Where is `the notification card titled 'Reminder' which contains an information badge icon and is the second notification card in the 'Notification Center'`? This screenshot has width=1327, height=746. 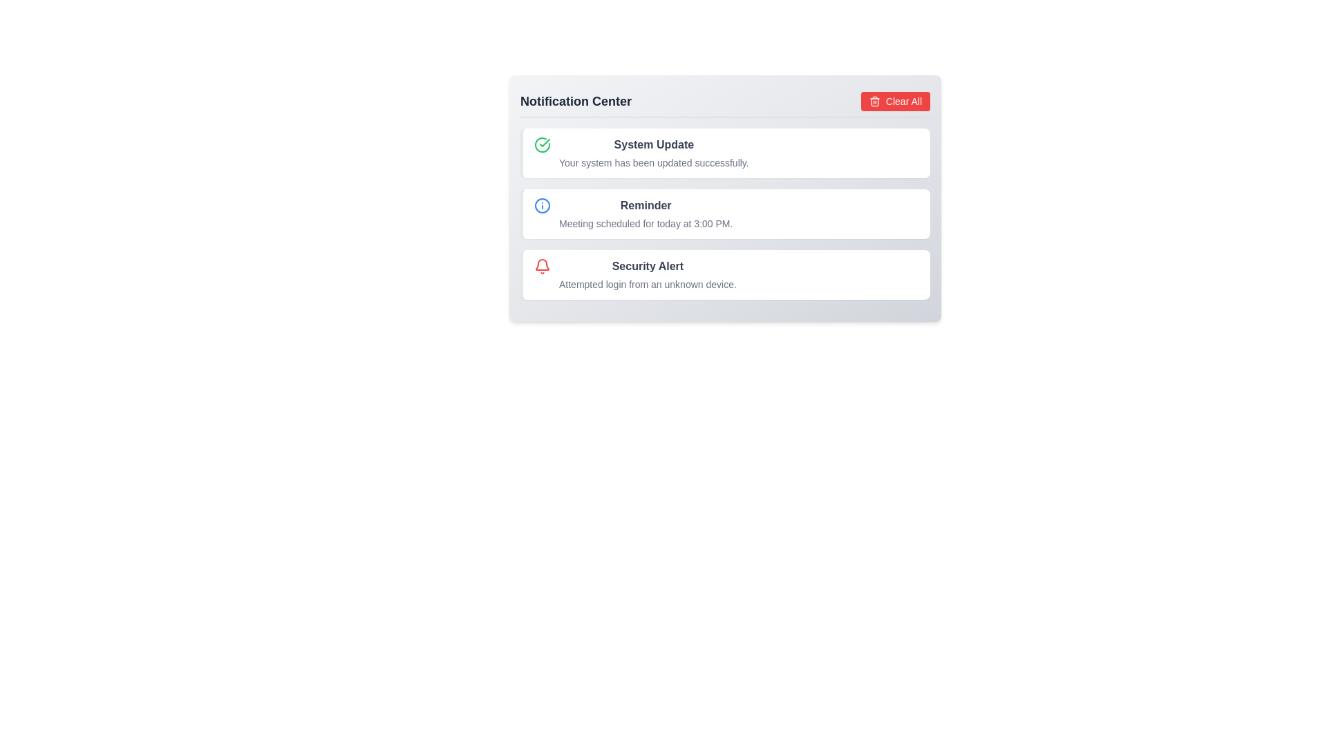 the notification card titled 'Reminder' which contains an information badge icon and is the second notification card in the 'Notification Center' is located at coordinates (724, 213).